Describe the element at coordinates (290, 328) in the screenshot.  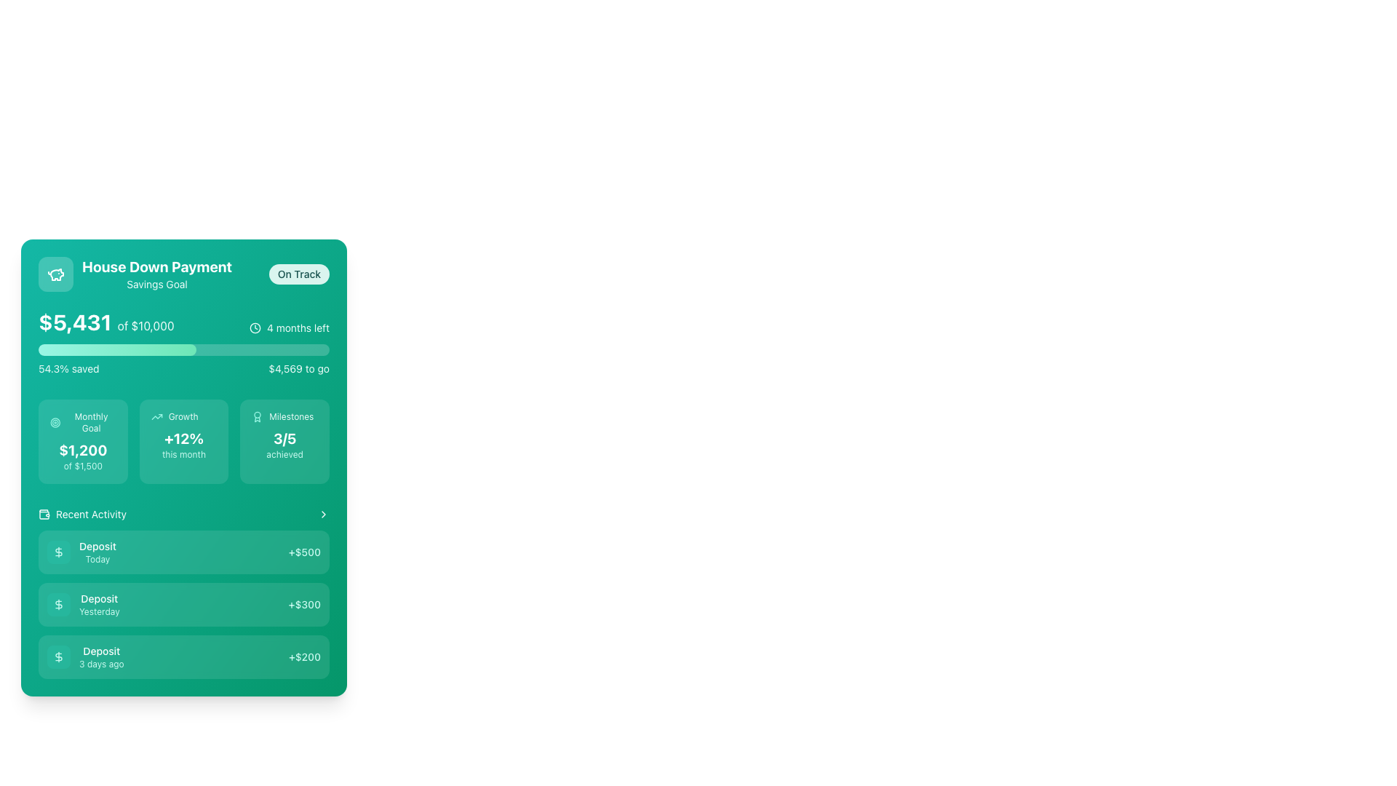
I see `the Static Text with Icon displaying the time-related status located in the upper-right section of the panel next to the progress summary information` at that location.